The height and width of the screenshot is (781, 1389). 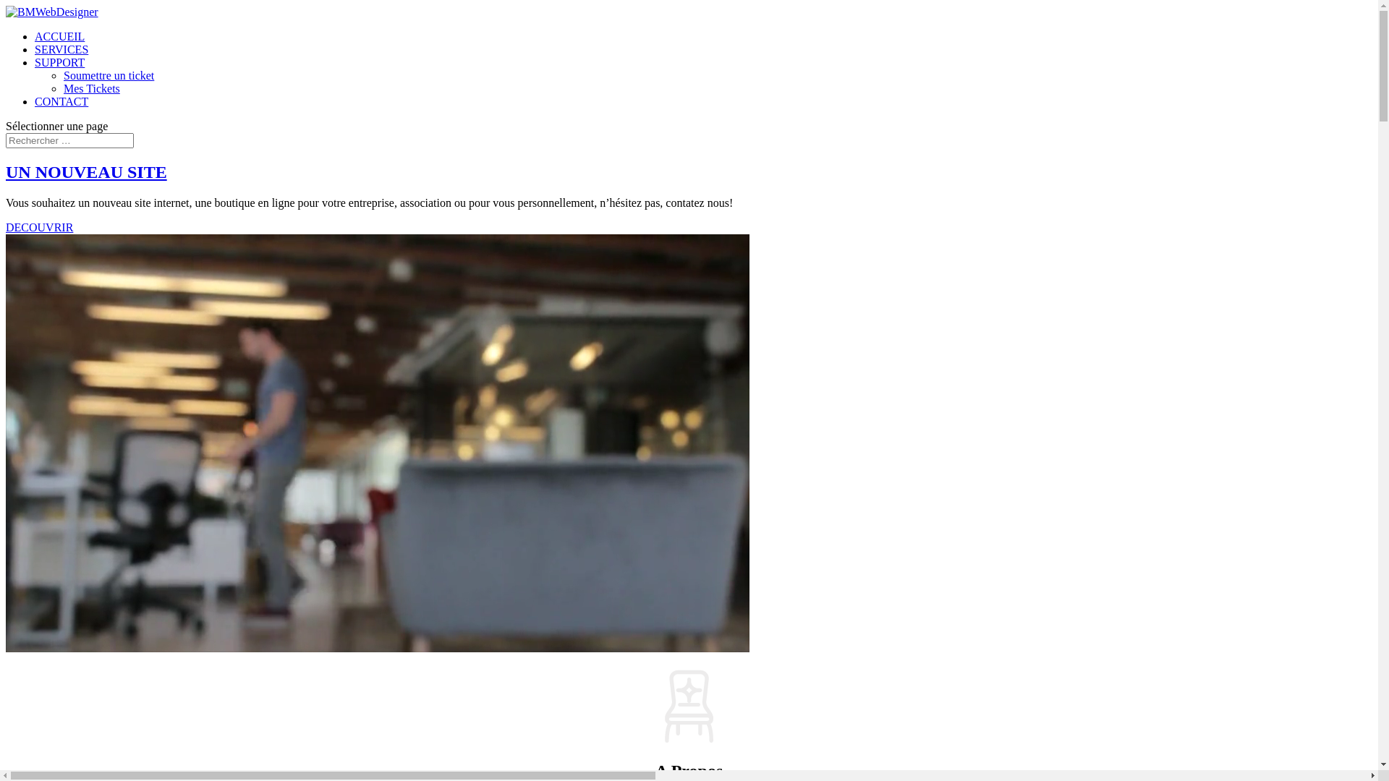 What do you see at coordinates (90, 88) in the screenshot?
I see `'Mes Tickets'` at bounding box center [90, 88].